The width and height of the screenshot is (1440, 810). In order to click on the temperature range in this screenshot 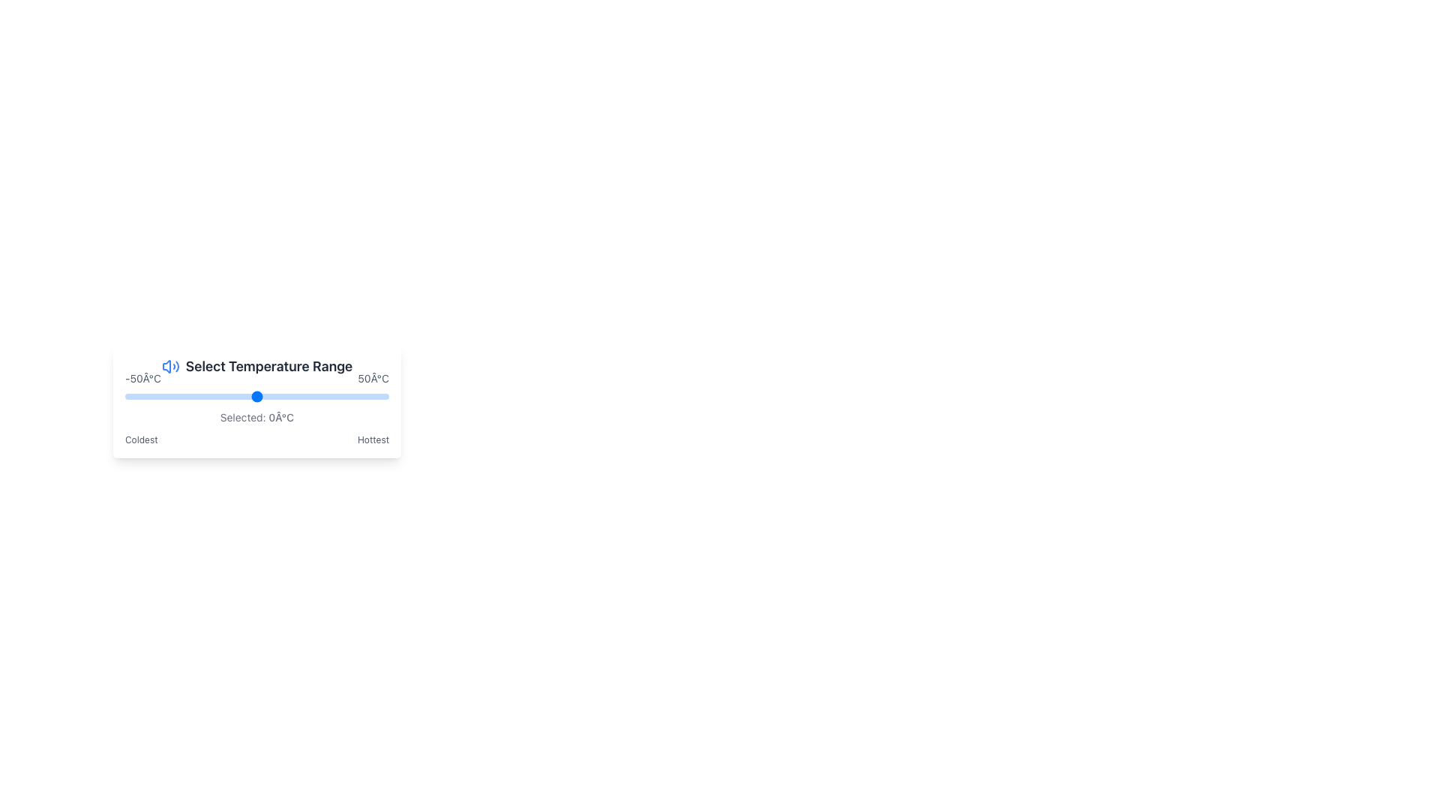, I will do `click(291, 395)`.